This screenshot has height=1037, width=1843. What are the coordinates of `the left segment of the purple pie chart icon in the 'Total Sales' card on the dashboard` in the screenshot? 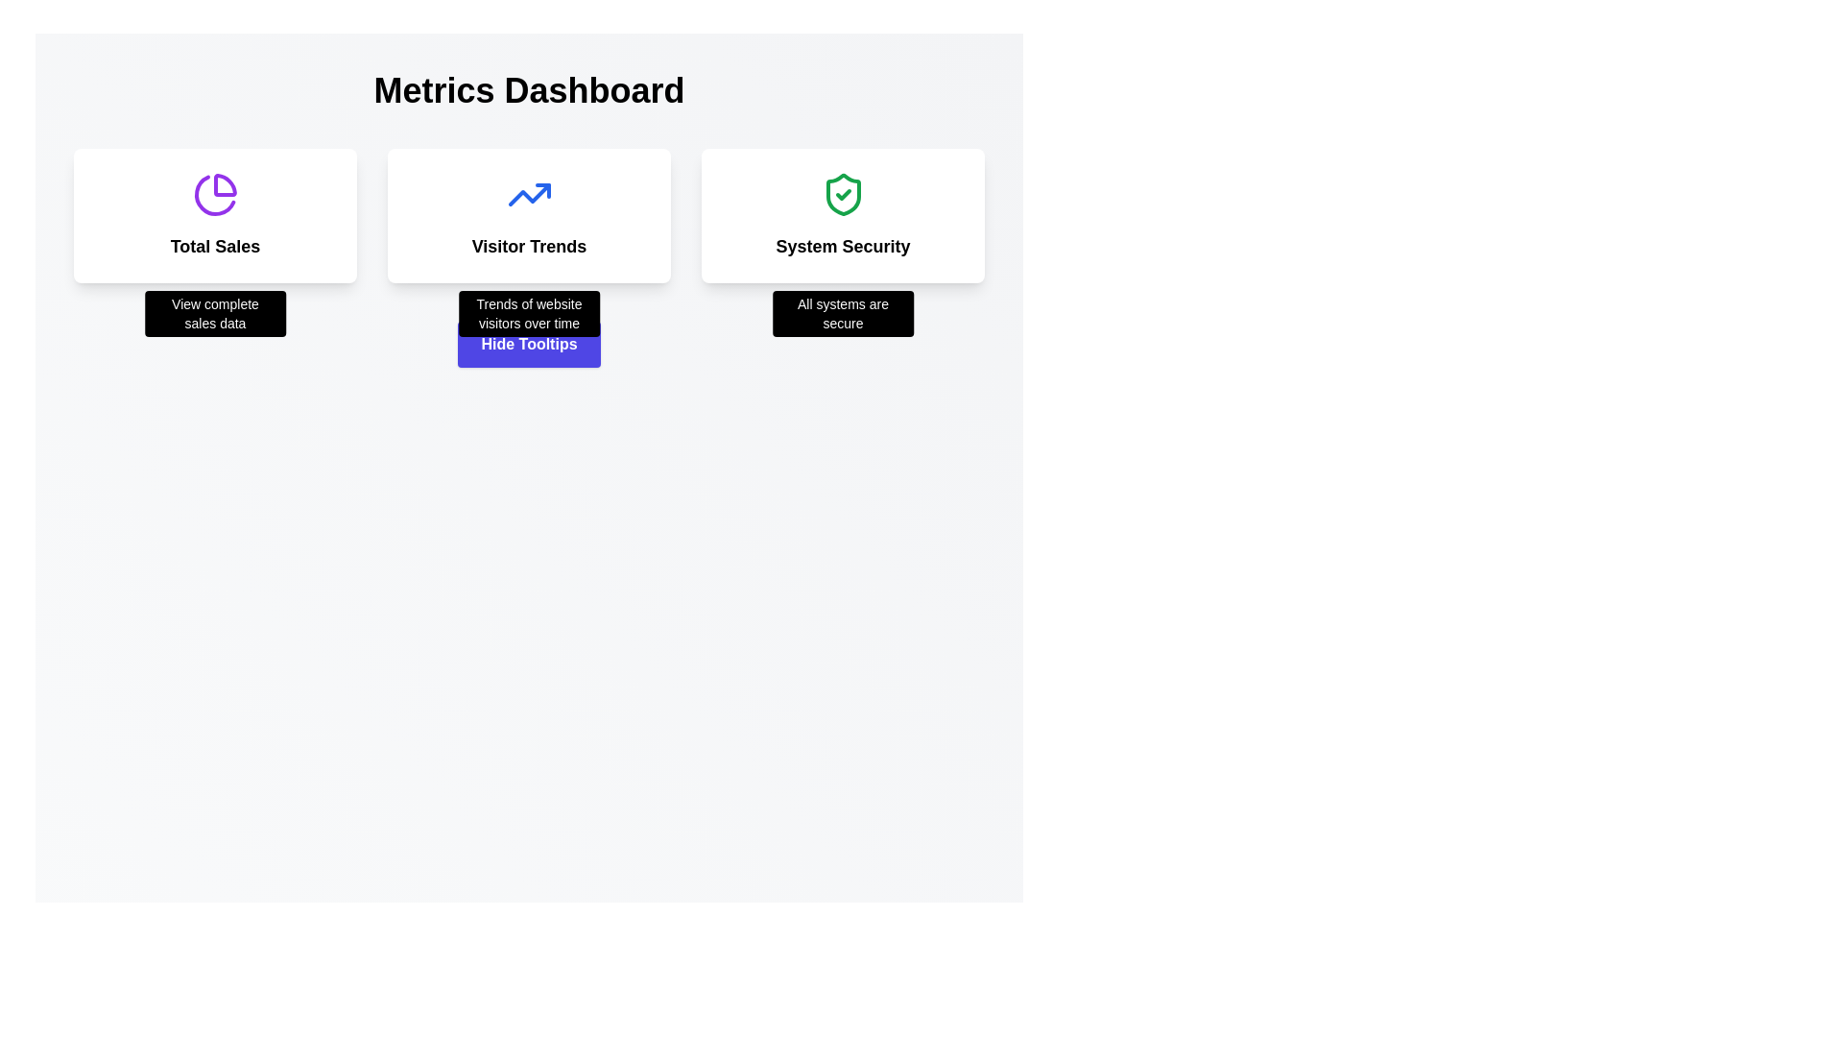 It's located at (214, 195).